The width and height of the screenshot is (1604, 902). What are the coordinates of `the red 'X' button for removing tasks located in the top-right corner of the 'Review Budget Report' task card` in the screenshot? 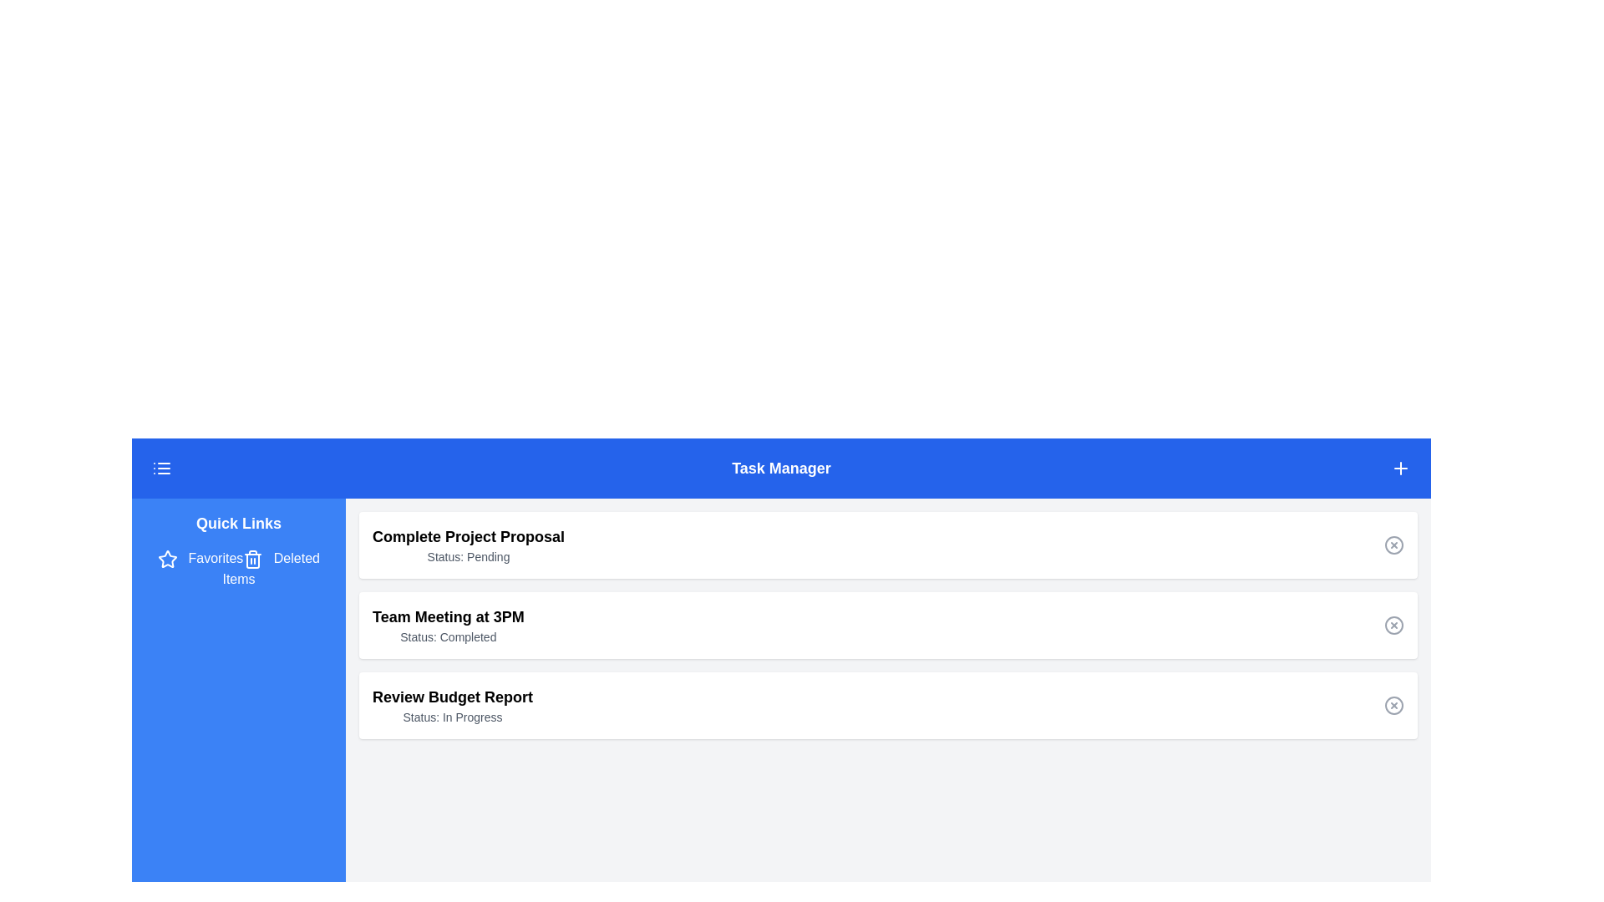 It's located at (1394, 705).